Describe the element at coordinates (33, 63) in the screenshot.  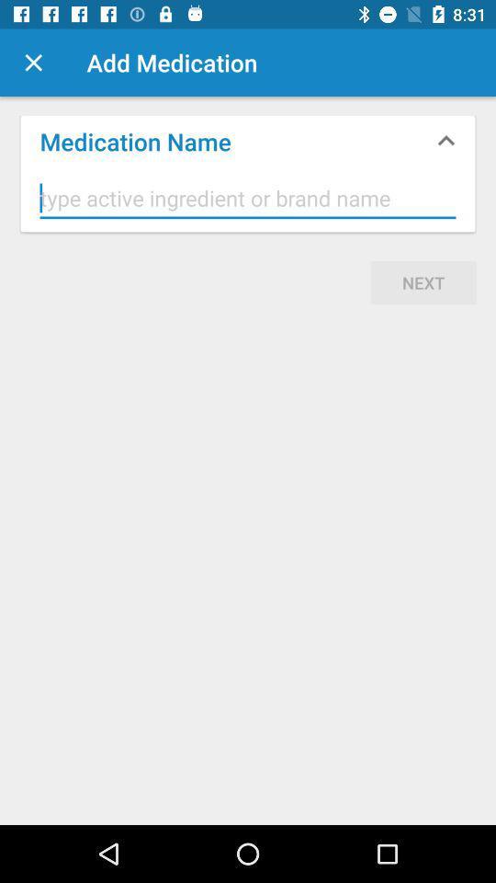
I see `cancel` at that location.